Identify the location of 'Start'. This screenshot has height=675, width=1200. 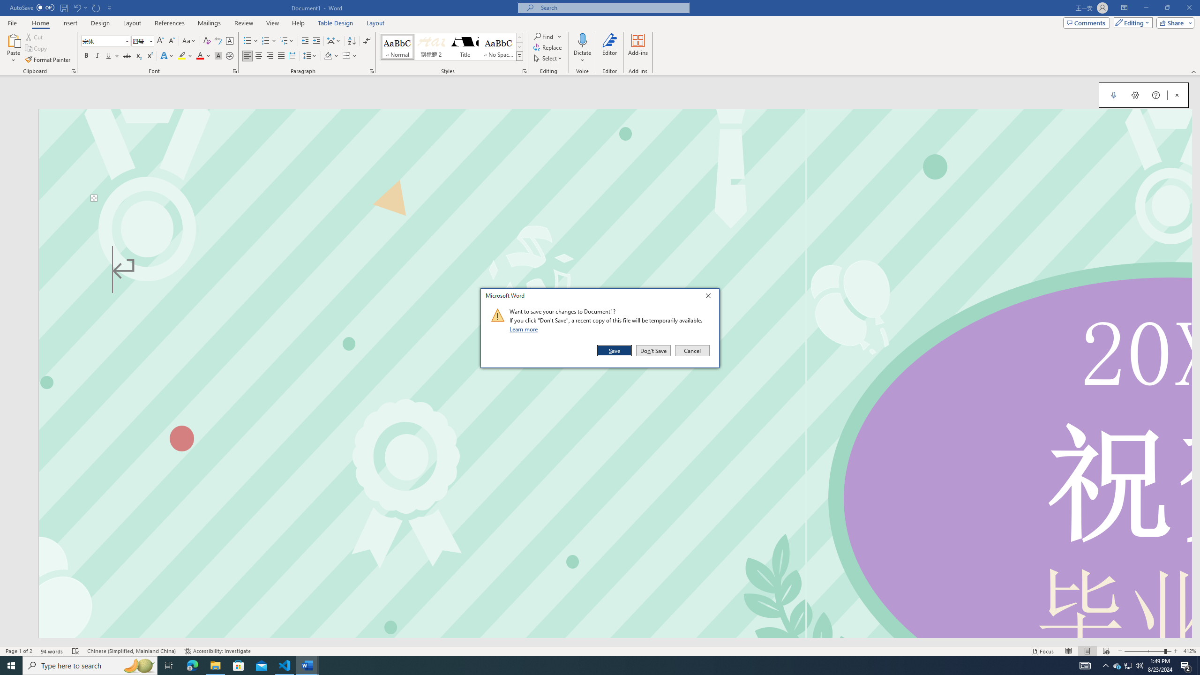
(11, 665).